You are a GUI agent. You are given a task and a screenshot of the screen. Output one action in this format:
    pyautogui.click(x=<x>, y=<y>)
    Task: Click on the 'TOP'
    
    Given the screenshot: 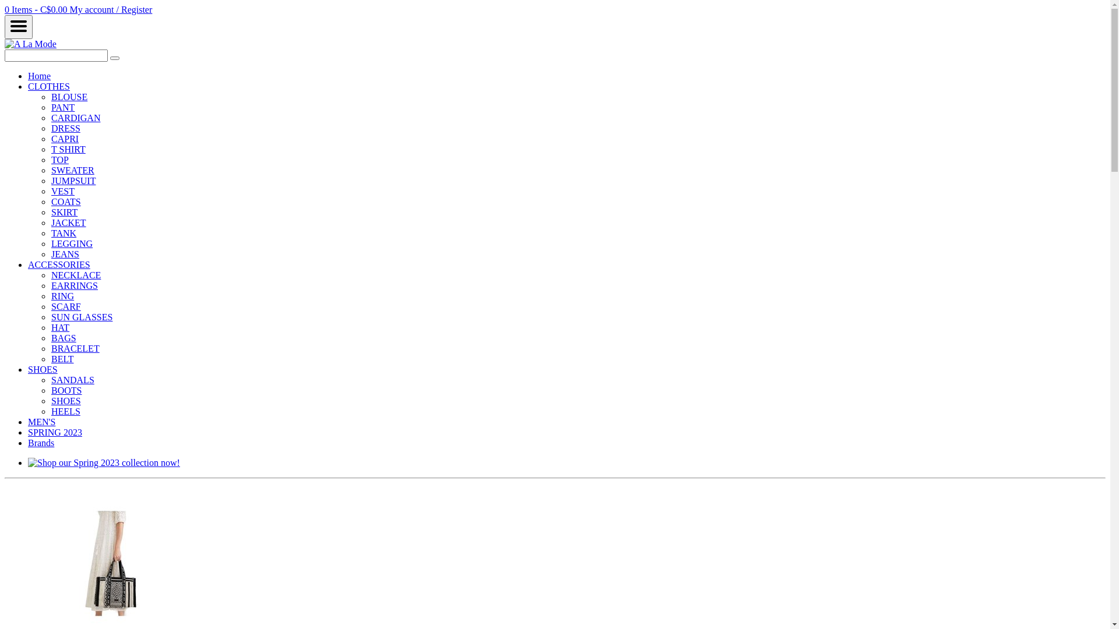 What is the action you would take?
    pyautogui.click(x=59, y=160)
    